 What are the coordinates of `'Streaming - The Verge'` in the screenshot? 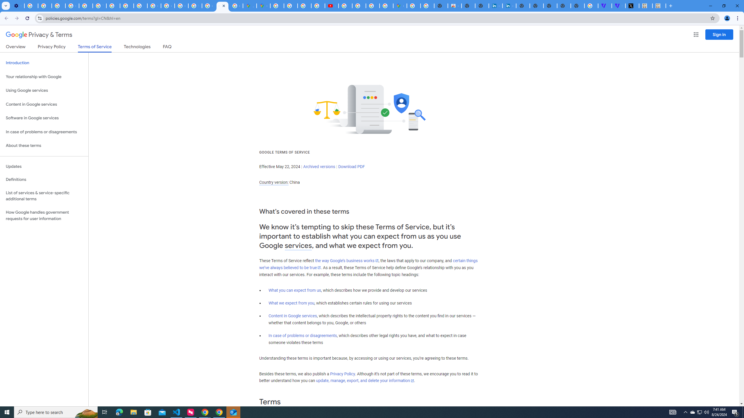 It's located at (618, 6).